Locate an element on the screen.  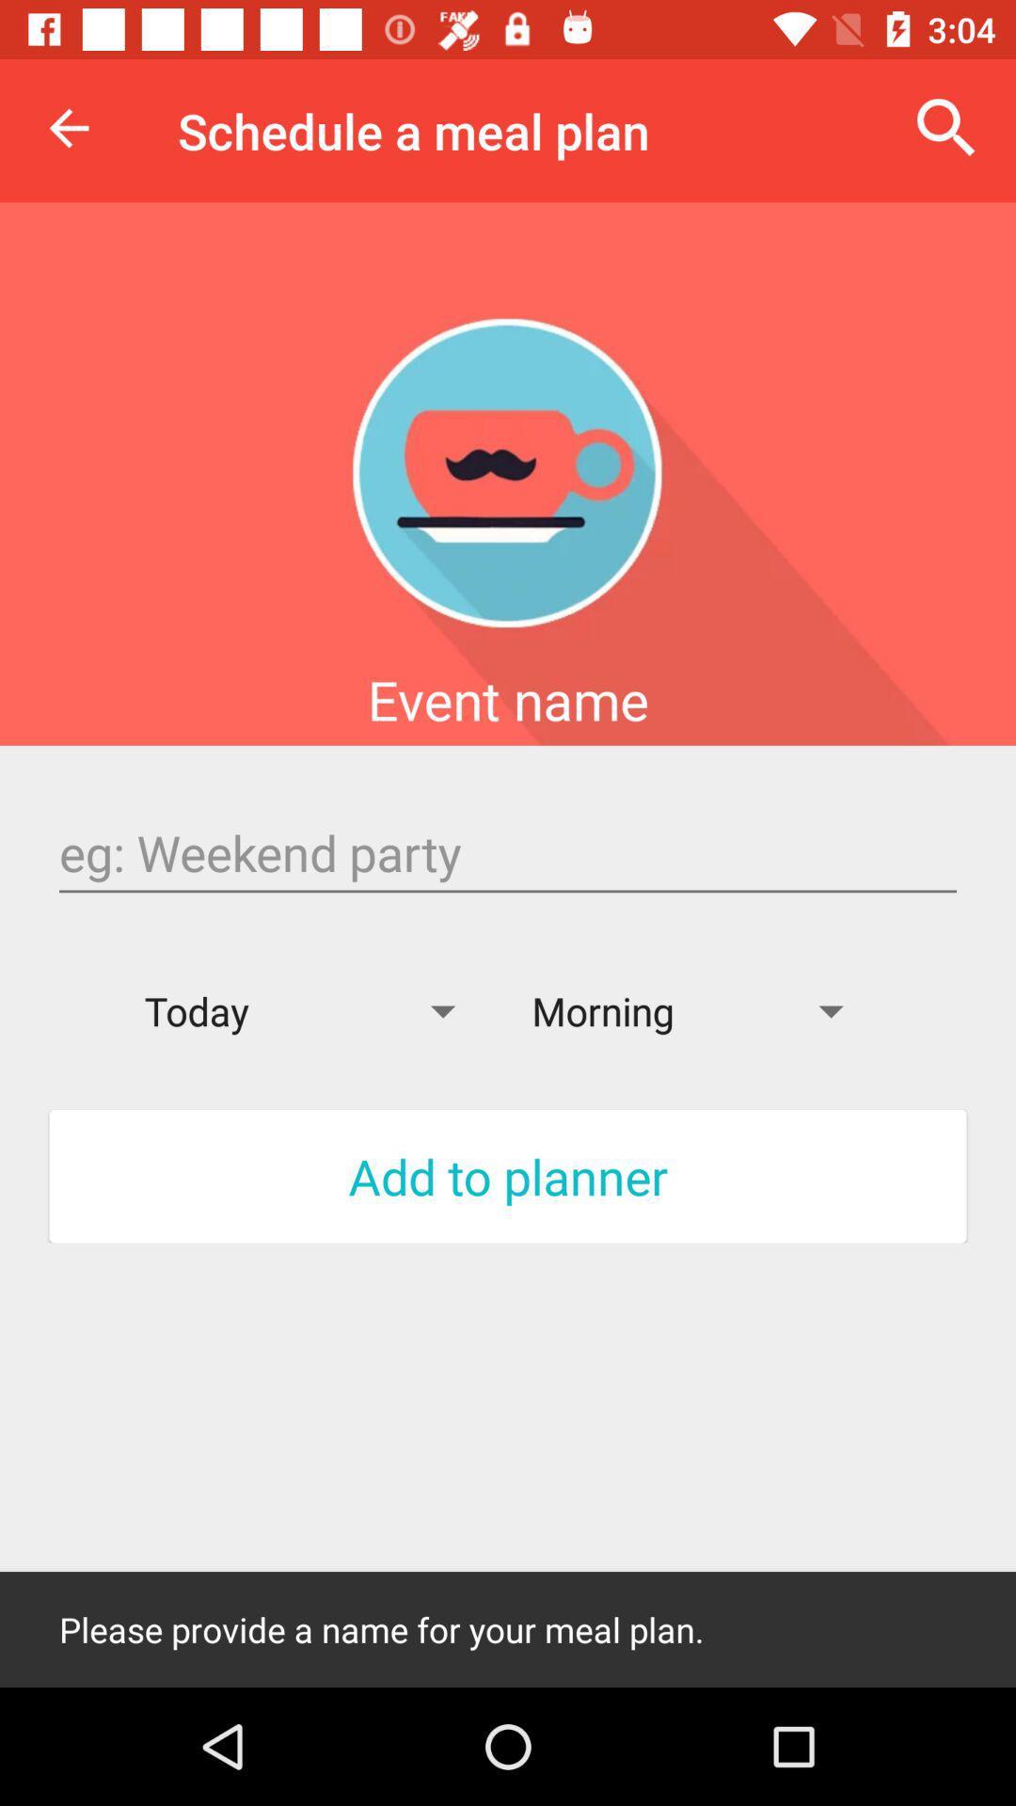
type the next is located at coordinates (508, 852).